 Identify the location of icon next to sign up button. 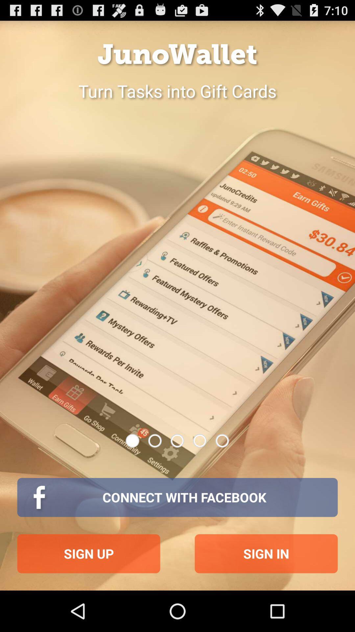
(266, 553).